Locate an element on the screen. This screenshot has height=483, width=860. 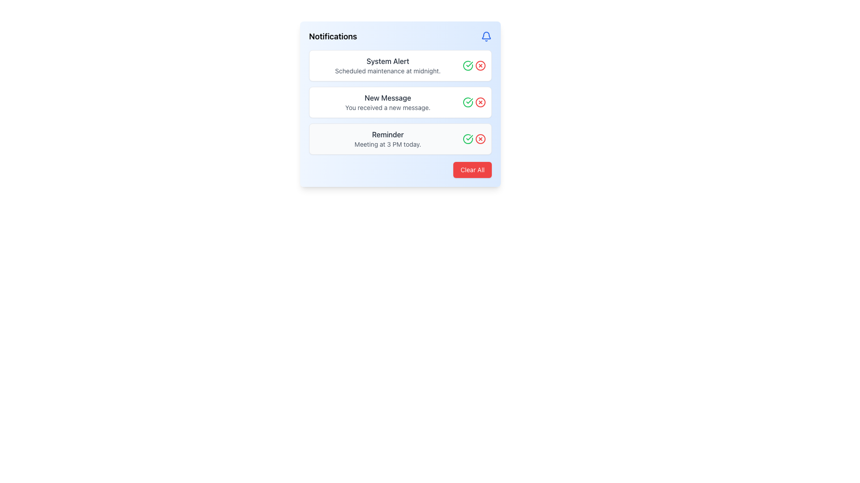
the static text element that describes the purpose of the 'System Alert' notification, which is located in the first notification card beneath the title is located at coordinates (387, 70).